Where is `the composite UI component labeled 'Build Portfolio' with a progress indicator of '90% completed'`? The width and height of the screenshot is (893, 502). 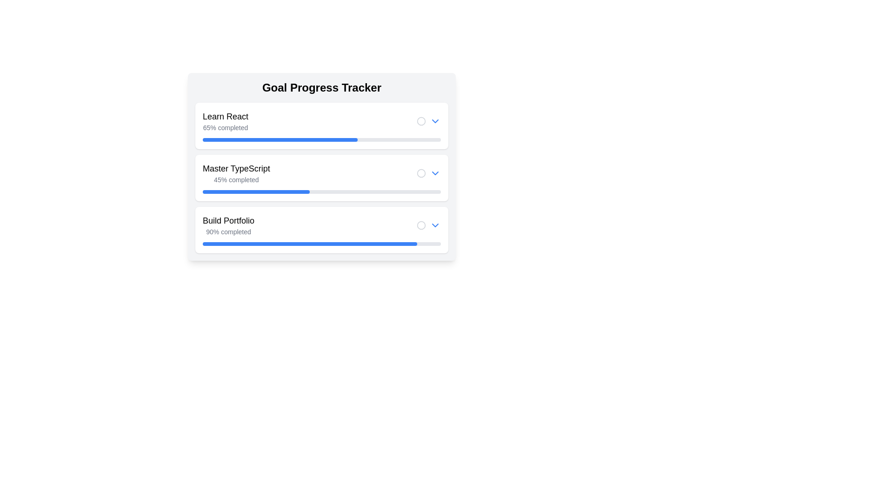 the composite UI component labeled 'Build Portfolio' with a progress indicator of '90% completed' is located at coordinates (321, 225).